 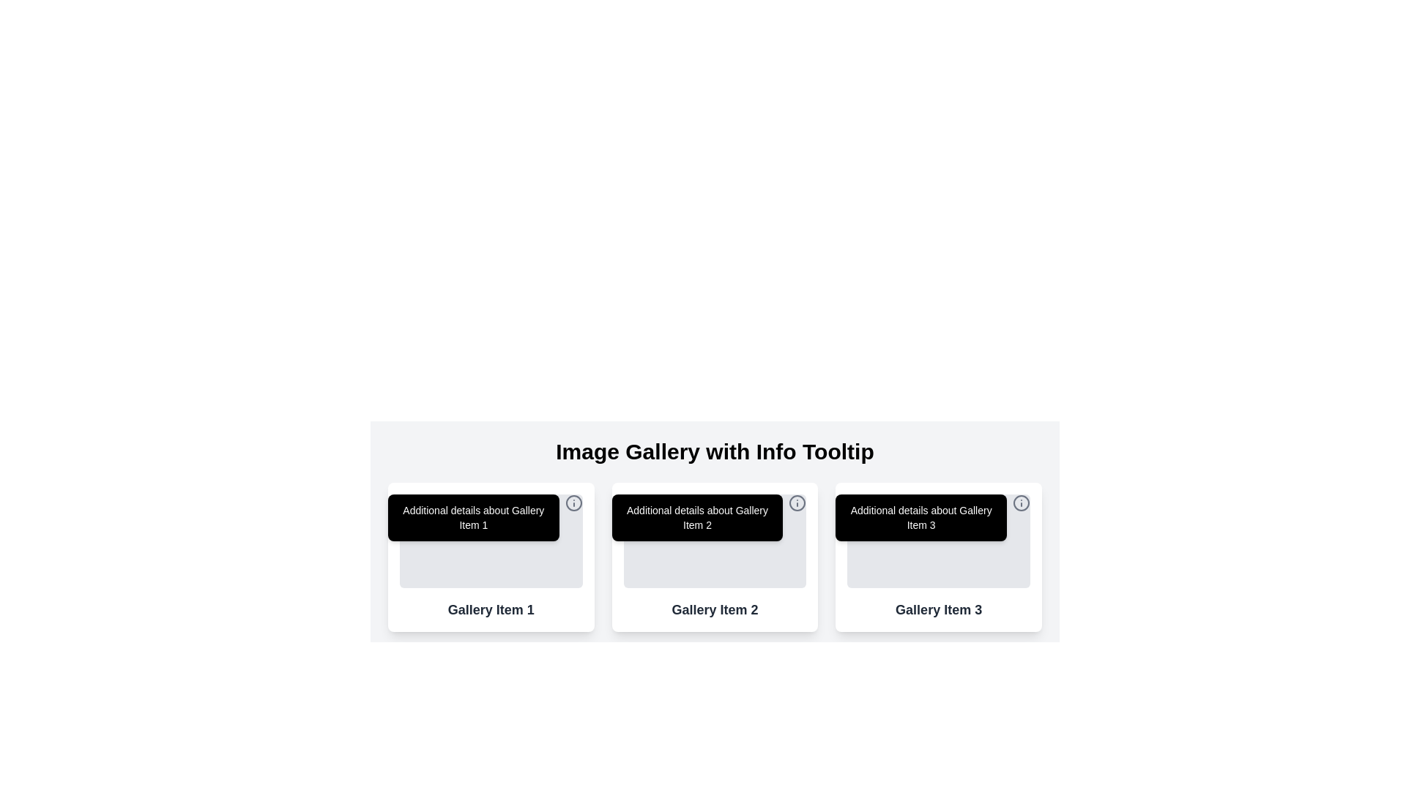 I want to click on text from the Text Label that identifies the content as 'Gallery Item 2', located below the image placeholder in the second card of a three-item horizontal image gallery layout, so click(x=715, y=609).